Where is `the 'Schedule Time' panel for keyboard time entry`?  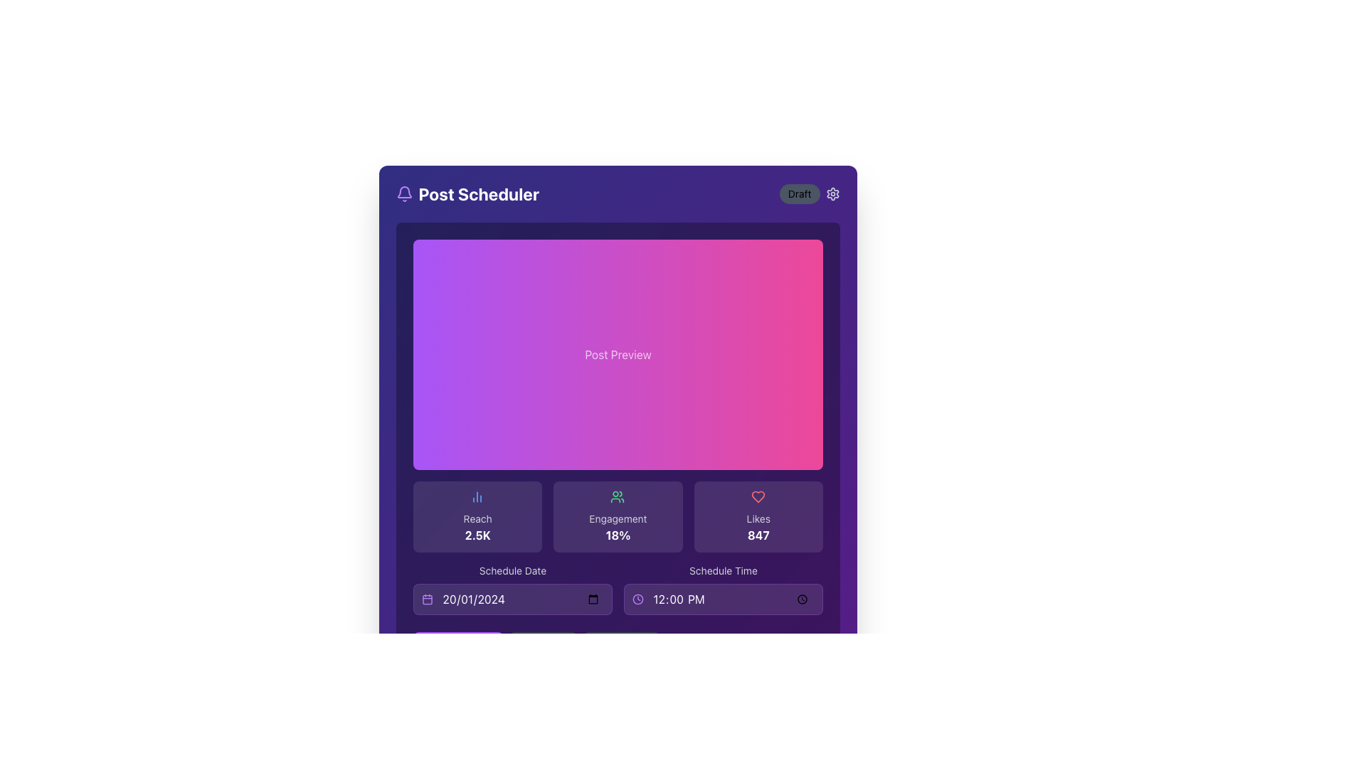
the 'Schedule Time' panel for keyboard time entry is located at coordinates (723, 590).